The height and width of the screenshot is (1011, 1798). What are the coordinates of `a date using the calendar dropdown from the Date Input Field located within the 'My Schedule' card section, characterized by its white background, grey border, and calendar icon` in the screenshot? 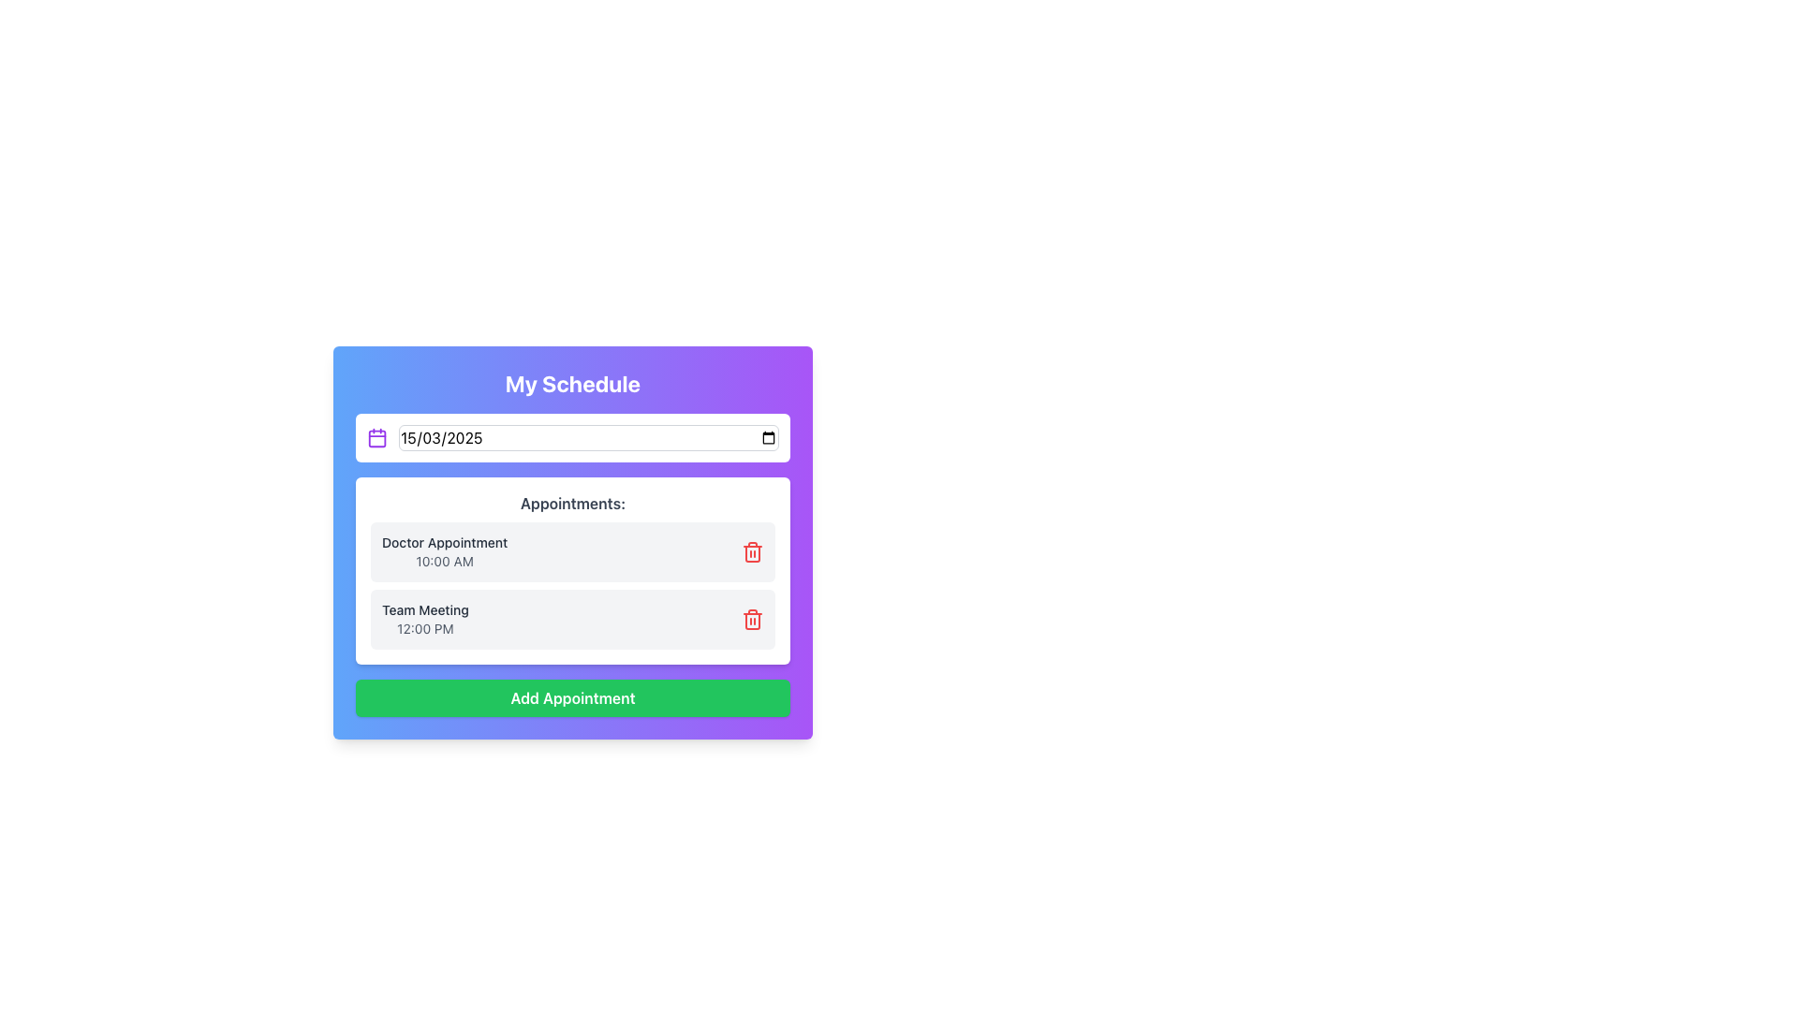 It's located at (571, 437).